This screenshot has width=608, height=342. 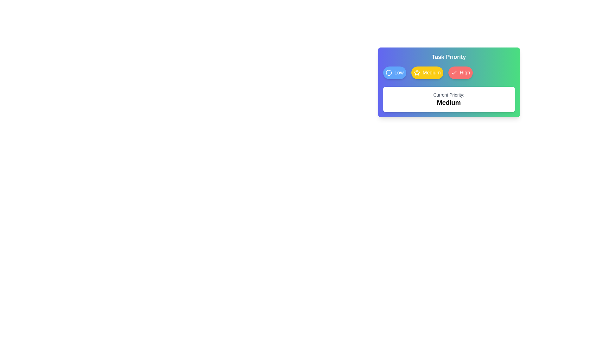 What do you see at coordinates (417, 73) in the screenshot?
I see `the star-shaped icon inside the yellow circular button labeled 'Medium', which is positioned between 'Low' and 'High'` at bounding box center [417, 73].